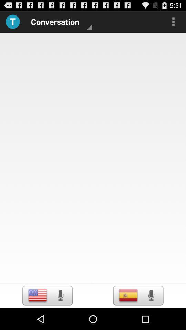 The height and width of the screenshot is (330, 186). What do you see at coordinates (38, 295) in the screenshot?
I see `american english` at bounding box center [38, 295].